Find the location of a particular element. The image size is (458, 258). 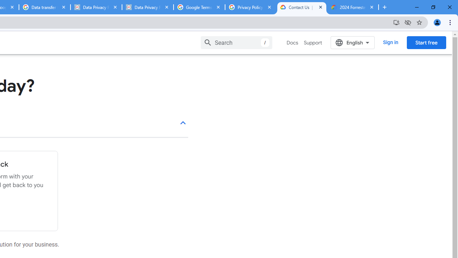

'Start free' is located at coordinates (426, 42).